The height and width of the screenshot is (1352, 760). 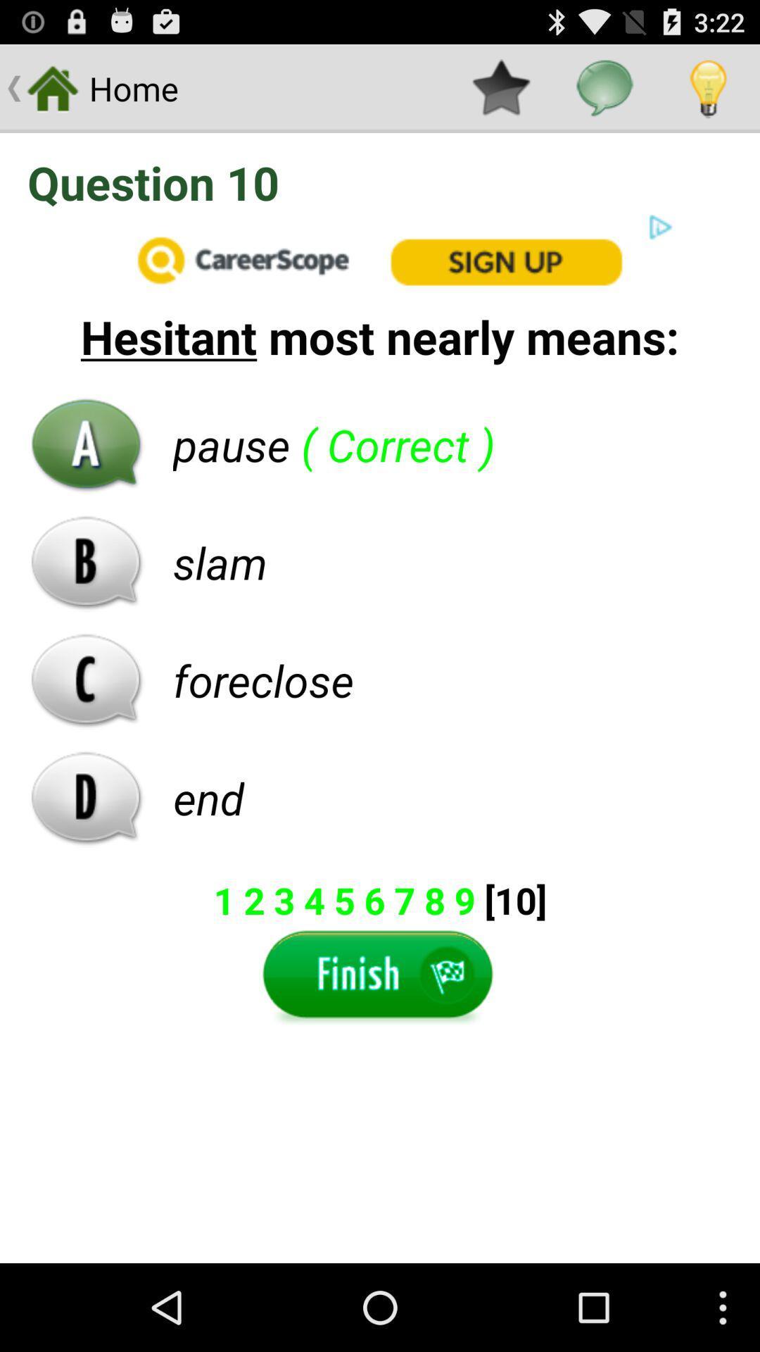 I want to click on the b message image to the left of slam, so click(x=87, y=561).